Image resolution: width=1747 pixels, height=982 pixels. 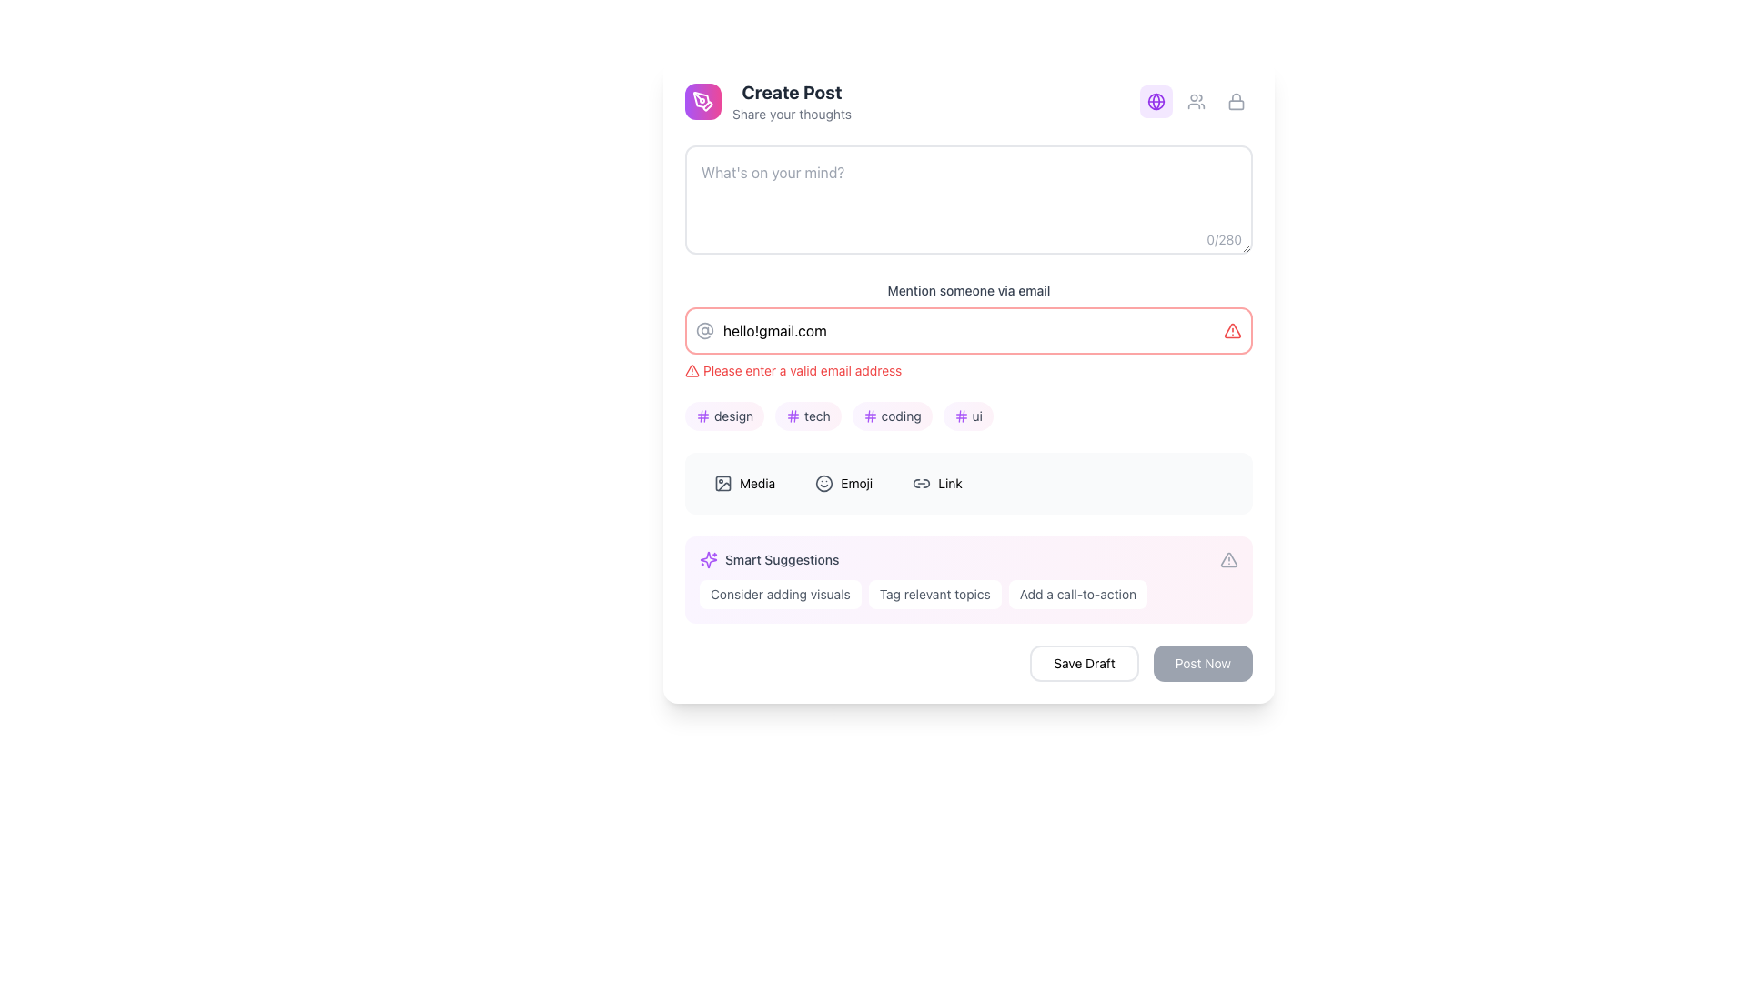 What do you see at coordinates (960, 416) in the screenshot?
I see `the small purple hash icon located on the gradient-pill-shaped button labeled 'ui' towards the bottom center of the interface` at bounding box center [960, 416].